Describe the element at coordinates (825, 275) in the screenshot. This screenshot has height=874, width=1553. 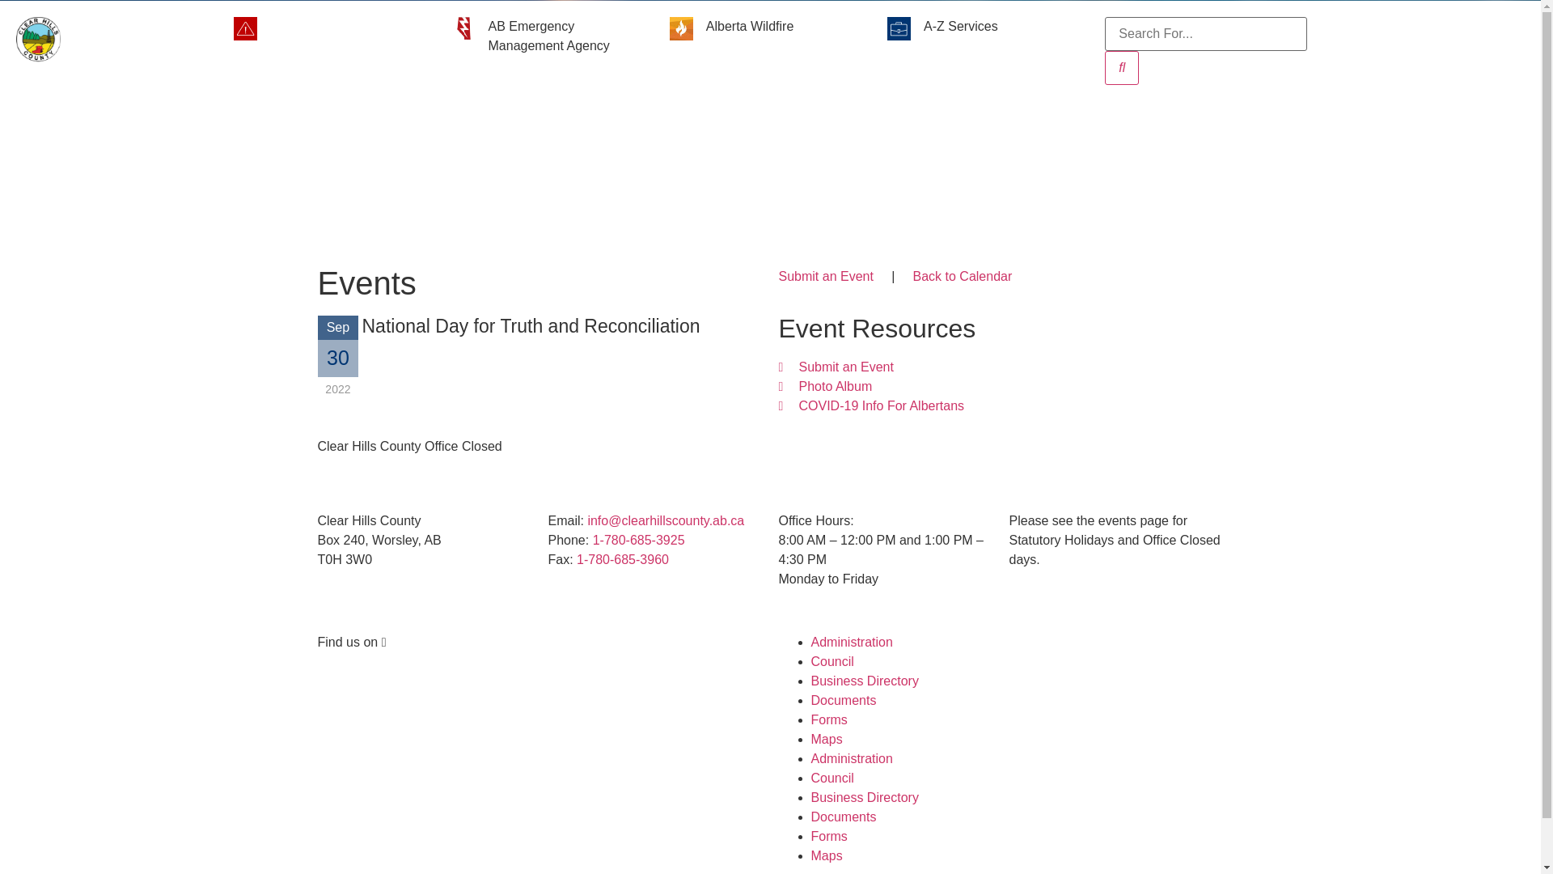
I see `'Submit an Event'` at that location.